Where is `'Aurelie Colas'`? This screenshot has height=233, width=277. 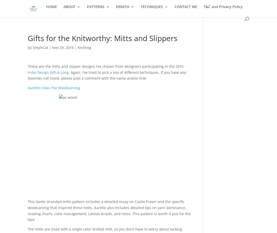
'Aurelie Colas' is located at coordinates (39, 87).